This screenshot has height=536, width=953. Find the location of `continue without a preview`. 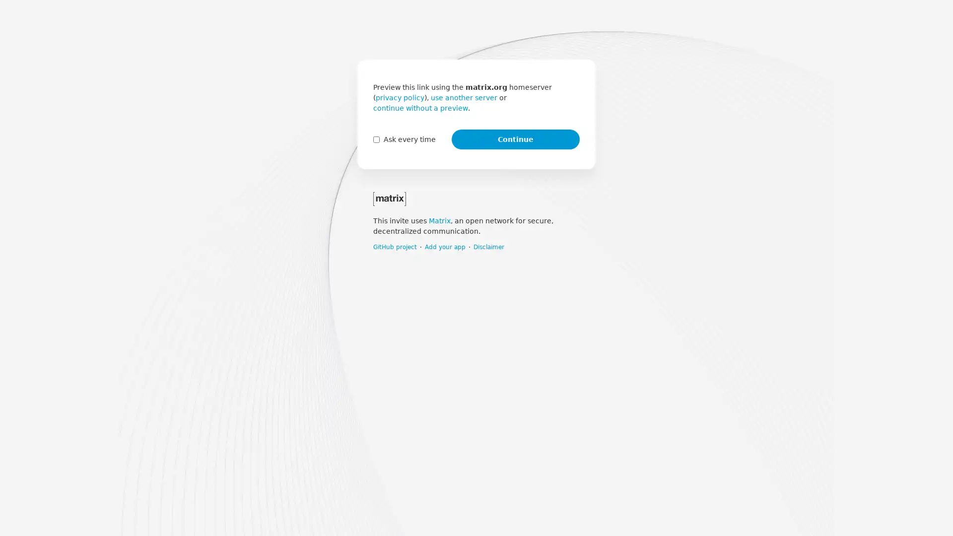

continue without a preview is located at coordinates (420, 108).